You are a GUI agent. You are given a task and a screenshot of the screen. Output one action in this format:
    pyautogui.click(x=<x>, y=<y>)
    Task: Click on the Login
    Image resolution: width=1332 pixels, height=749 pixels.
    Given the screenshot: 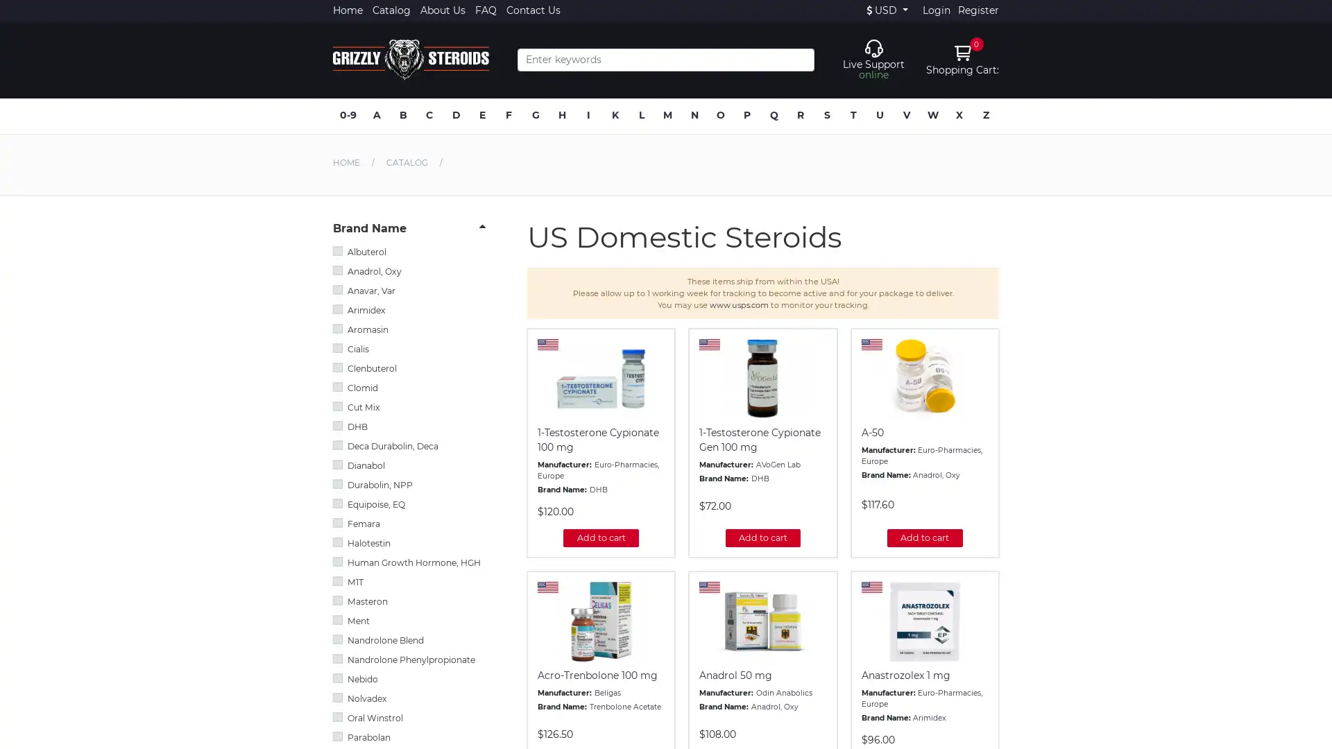 What is the action you would take?
    pyautogui.click(x=936, y=10)
    